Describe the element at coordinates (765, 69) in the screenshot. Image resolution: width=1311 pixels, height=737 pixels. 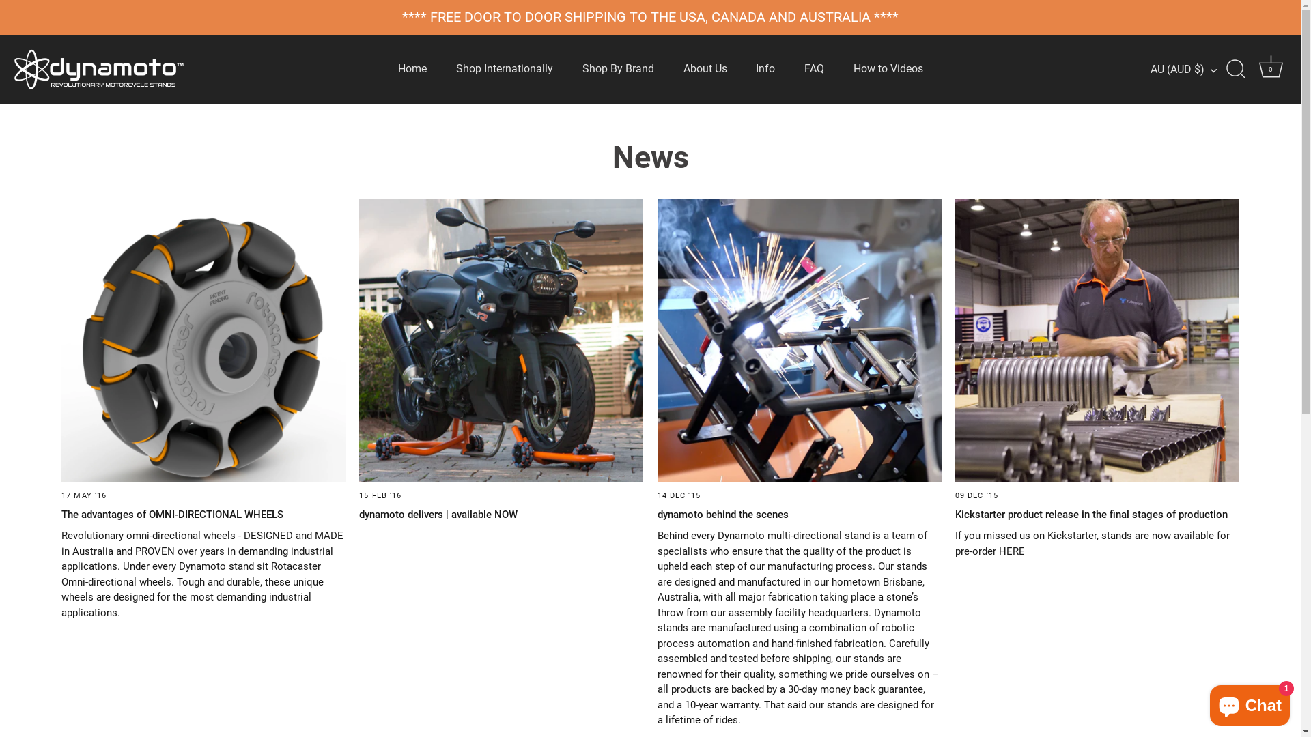
I see `'Info'` at that location.